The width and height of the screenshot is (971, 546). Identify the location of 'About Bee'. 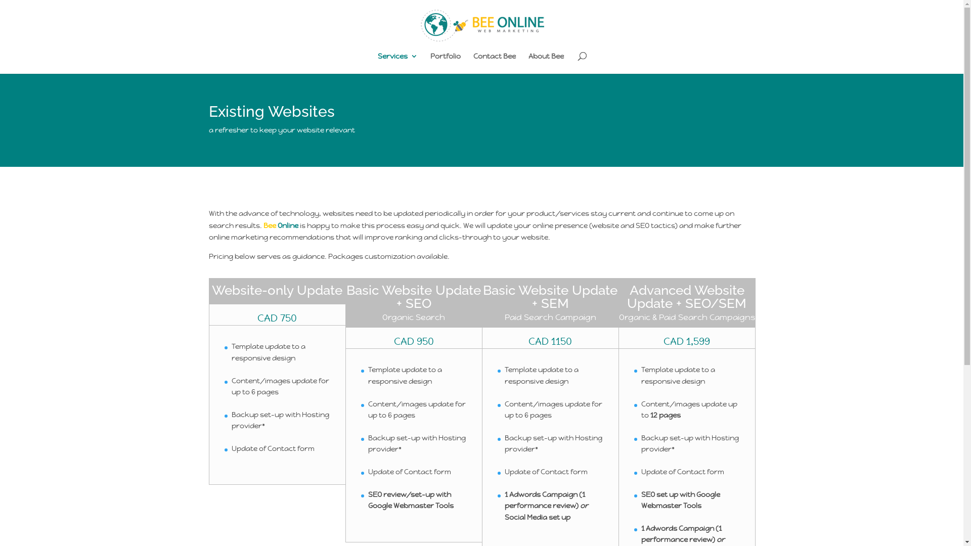
(546, 63).